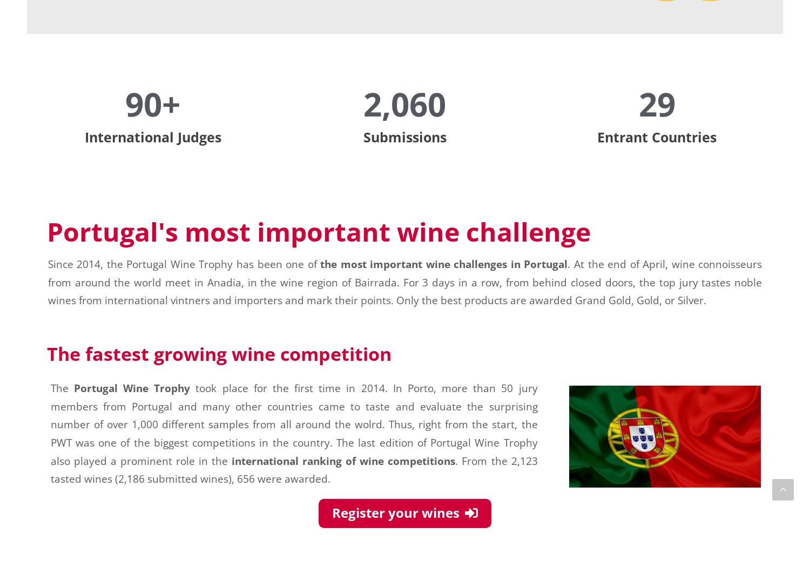  Describe the element at coordinates (50, 424) in the screenshot. I see `'took place for the first time in 2014. In Porto, more than 50 jury members from Portugal and many other countries came to taste and evaluate the surprising number of over 1,000 different samples from all around the wolrd. Thus, right from the start, the PWT was one of the biggest competitions in the country. The last edition of Portugal Wine Trophy also played a prominent role in the'` at that location.